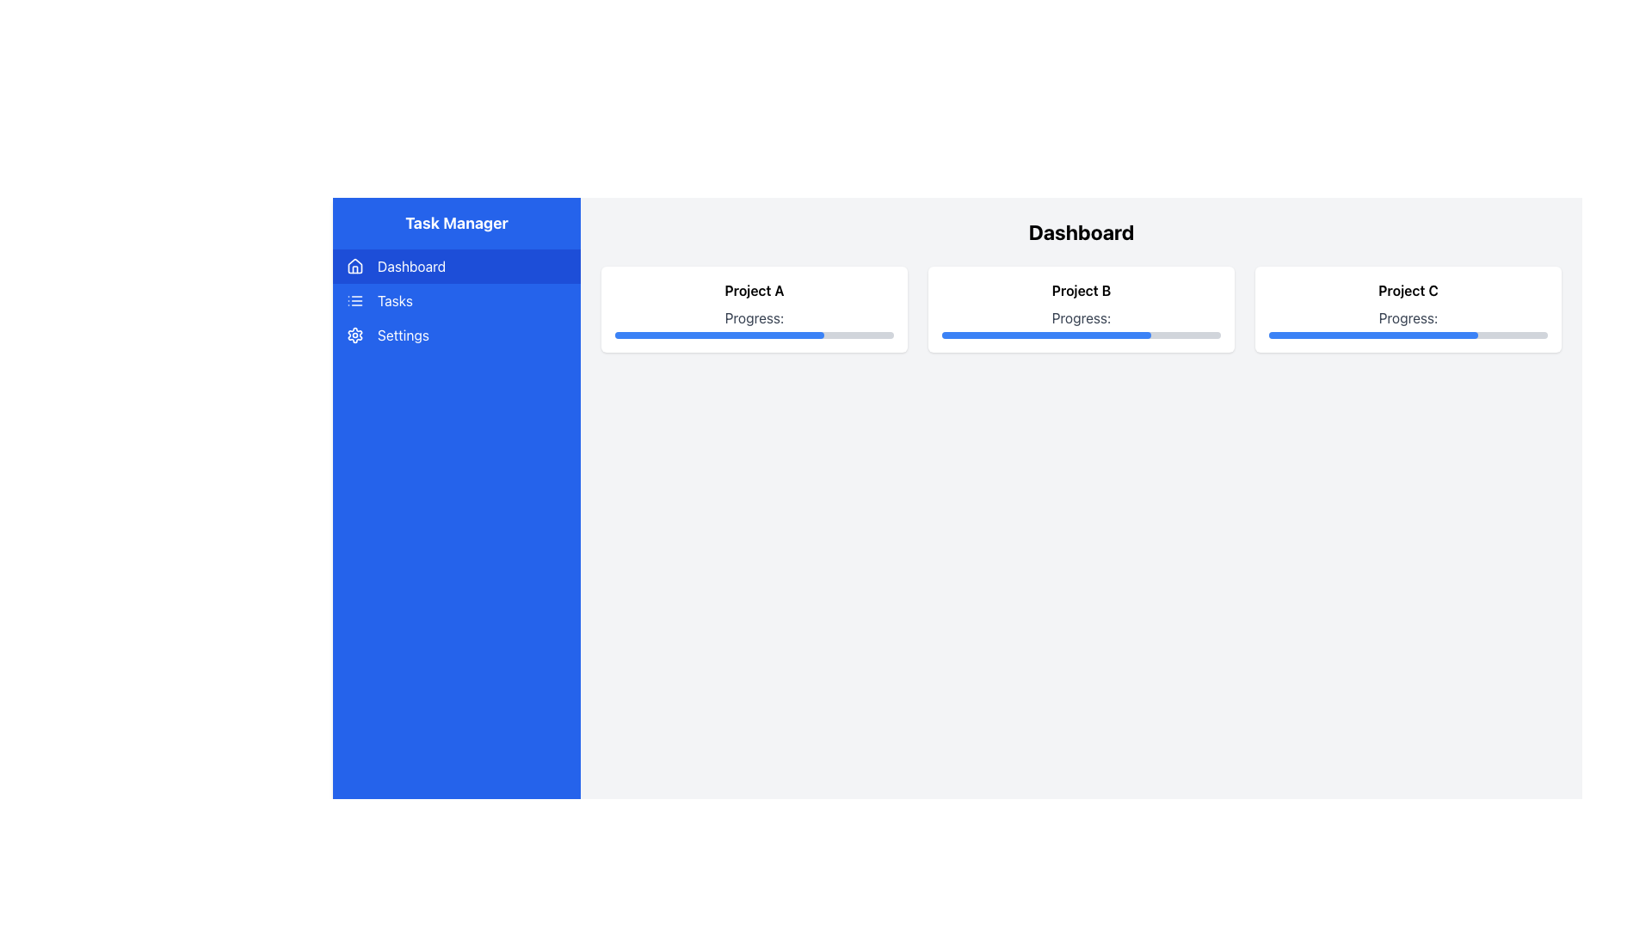 The height and width of the screenshot is (929, 1652). Describe the element at coordinates (354, 265) in the screenshot. I see `the house icon's roof section, which is part of the 'Dashboard' navigation item in the left sidebar` at that location.